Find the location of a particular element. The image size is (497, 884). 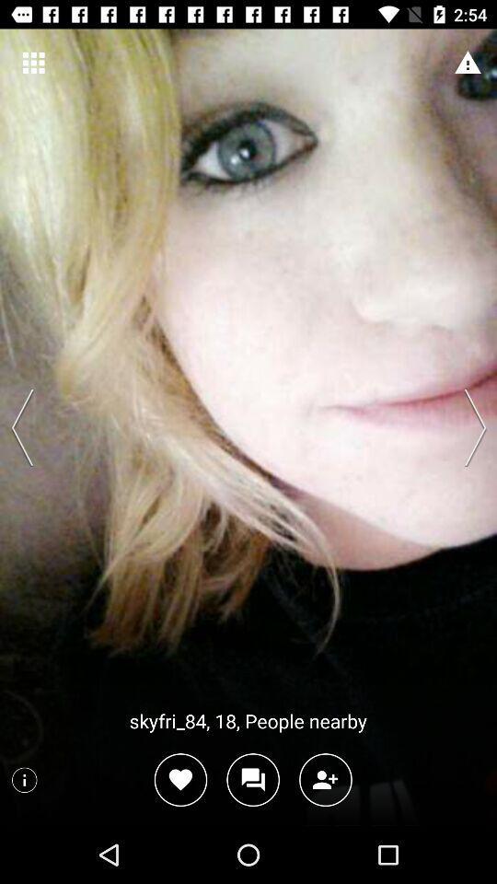

profile is located at coordinates (325, 779).